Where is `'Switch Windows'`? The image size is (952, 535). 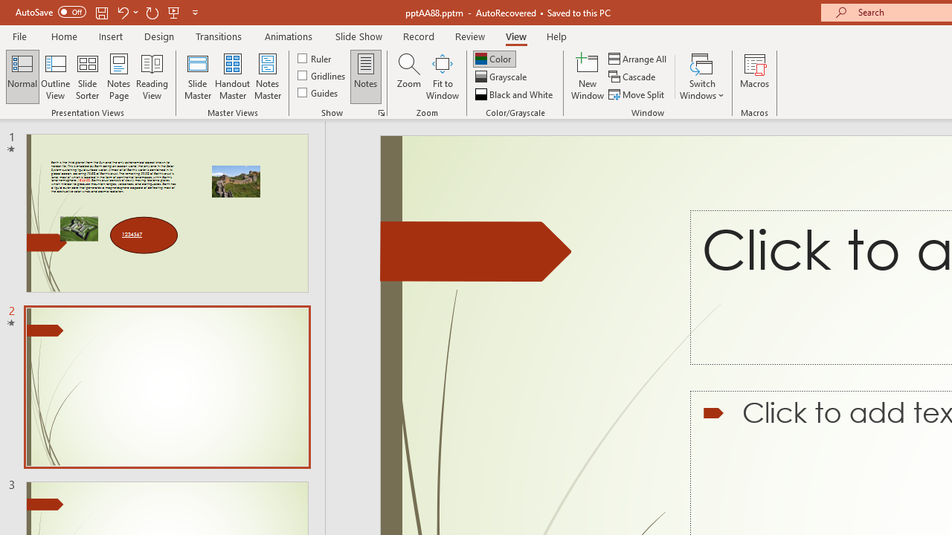 'Switch Windows' is located at coordinates (701, 77).